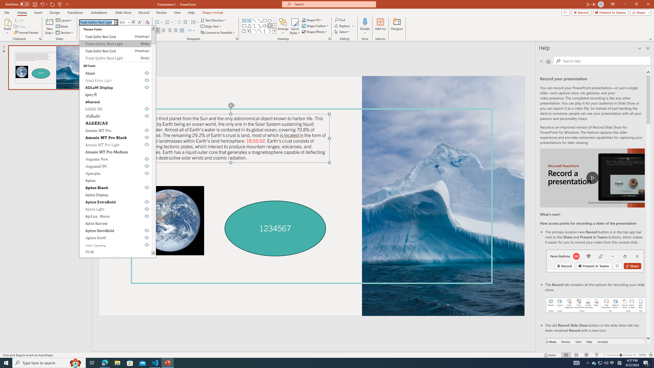 The width and height of the screenshot is (654, 368). Describe the element at coordinates (295, 26) in the screenshot. I see `'Quick Styles'` at that location.